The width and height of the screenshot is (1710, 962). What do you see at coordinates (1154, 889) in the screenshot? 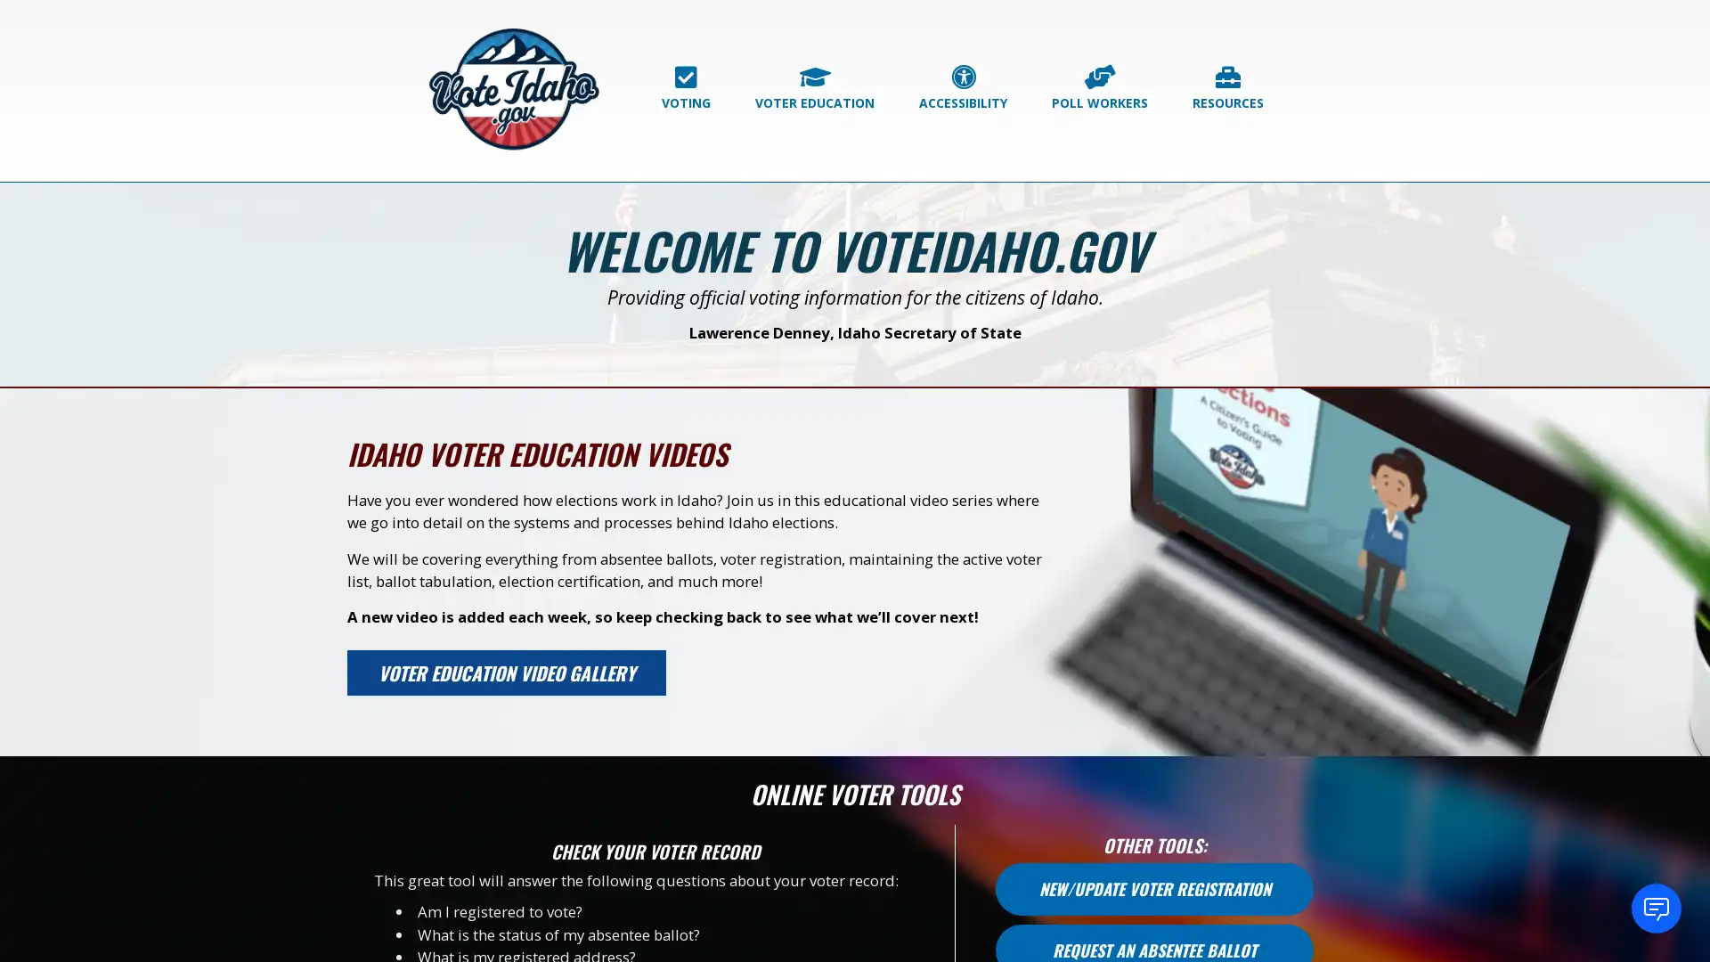
I see `NEW/UPDATE VOTER REGISTRATION` at bounding box center [1154, 889].